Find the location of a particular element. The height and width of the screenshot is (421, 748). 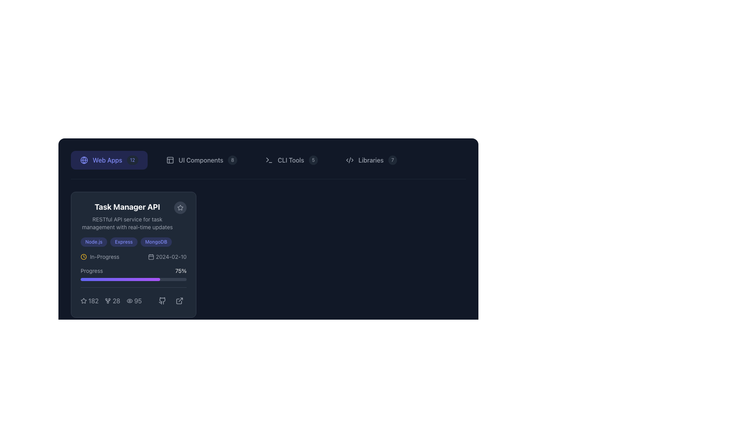

the 'Web Apps' button featuring a globe icon and a badge displaying '12' is located at coordinates (109, 160).